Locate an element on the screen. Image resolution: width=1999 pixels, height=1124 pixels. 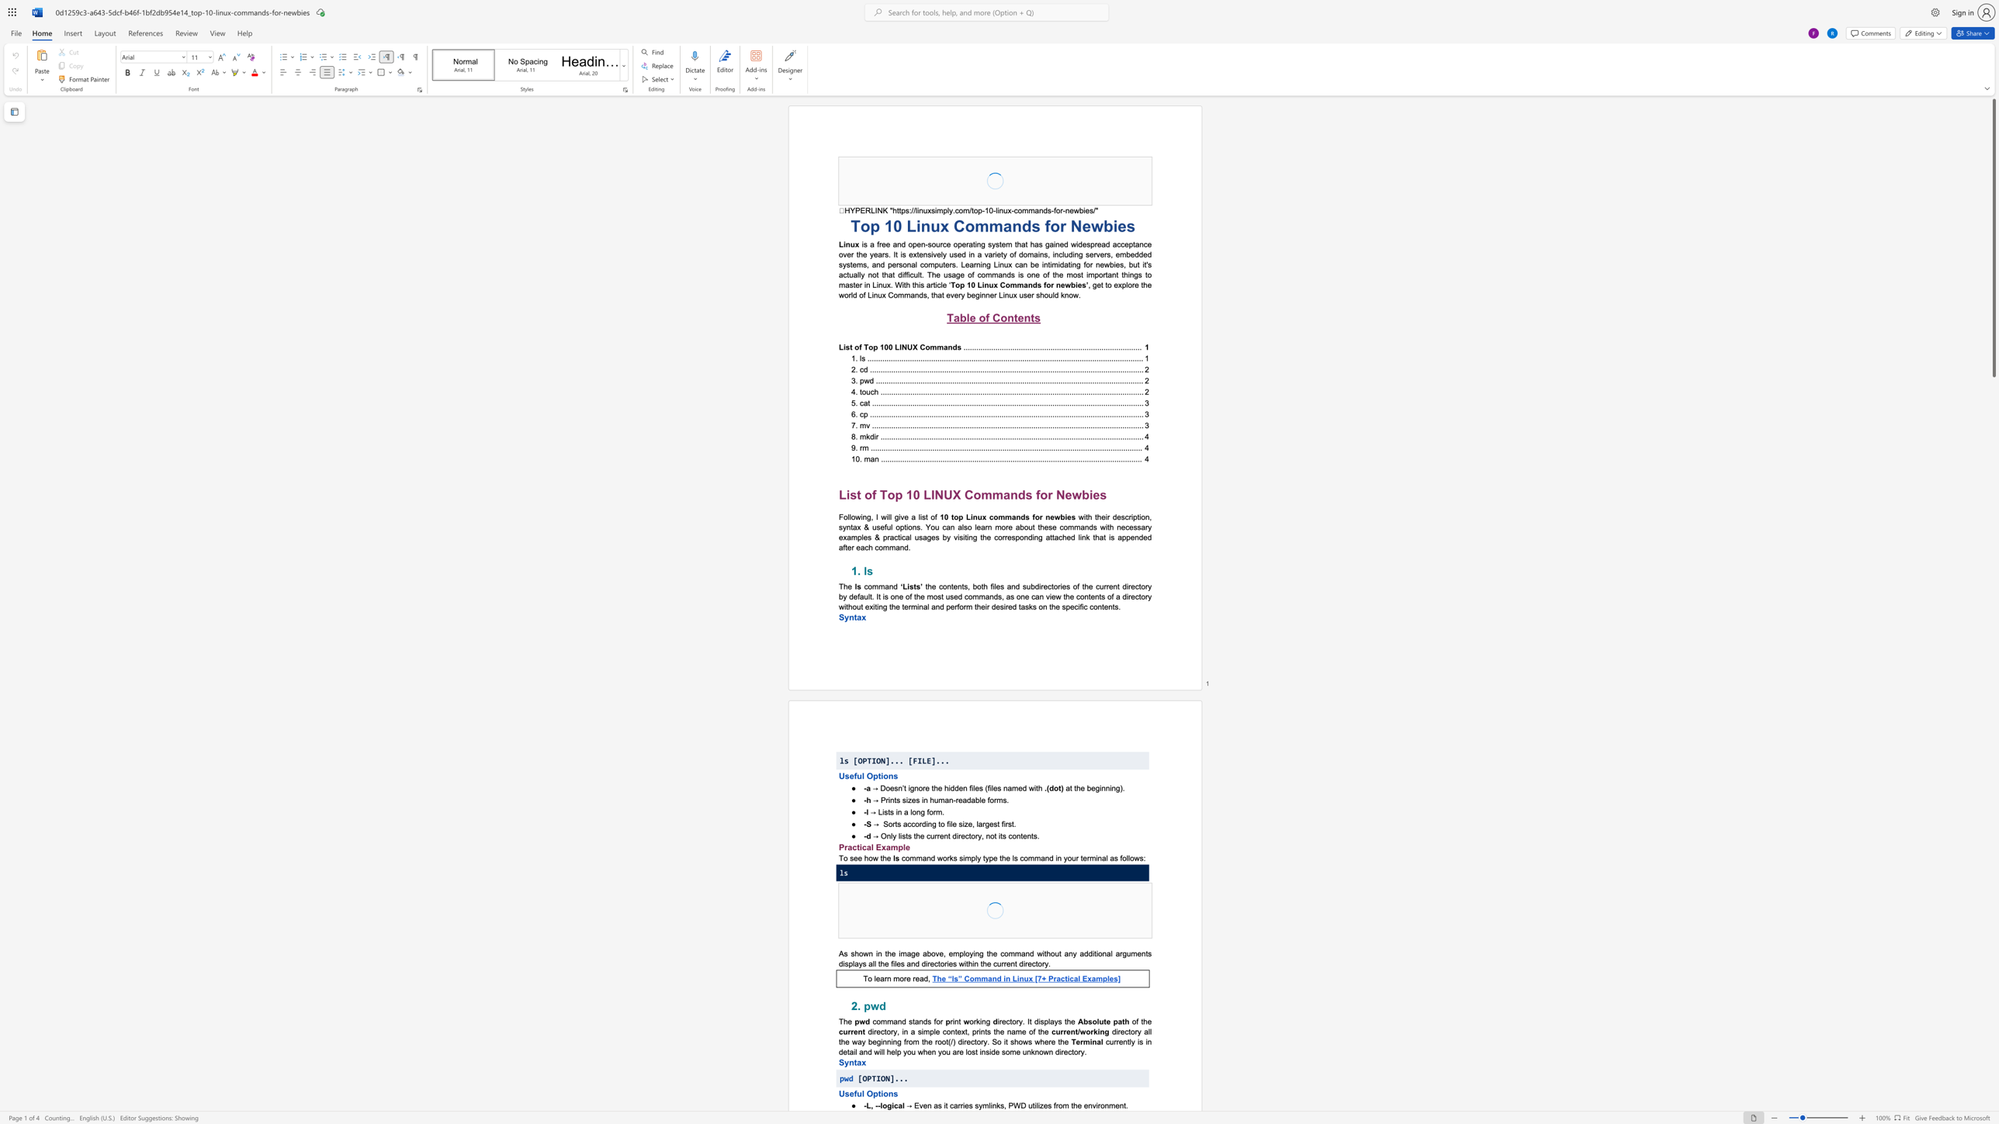
the scrollbar to slide the page down is located at coordinates (1993, 644).